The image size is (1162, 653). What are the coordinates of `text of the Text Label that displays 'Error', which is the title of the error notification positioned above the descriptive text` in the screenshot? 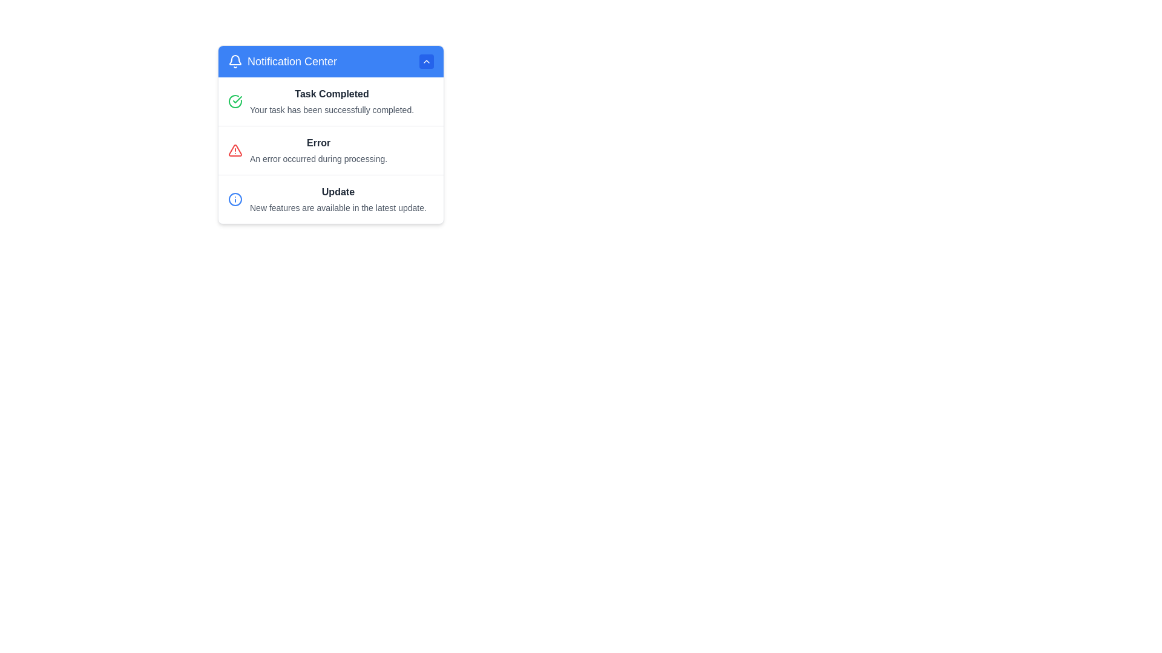 It's located at (318, 142).